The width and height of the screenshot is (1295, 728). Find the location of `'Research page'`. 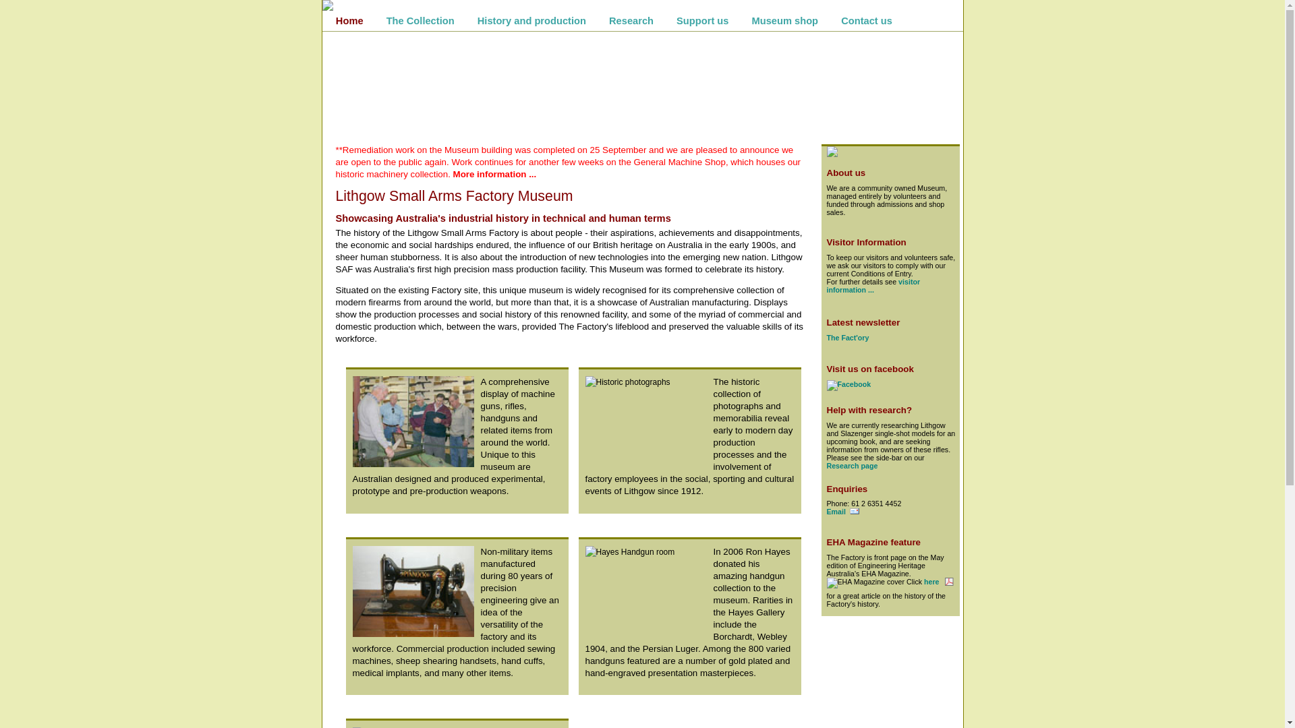

'Research page' is located at coordinates (851, 464).